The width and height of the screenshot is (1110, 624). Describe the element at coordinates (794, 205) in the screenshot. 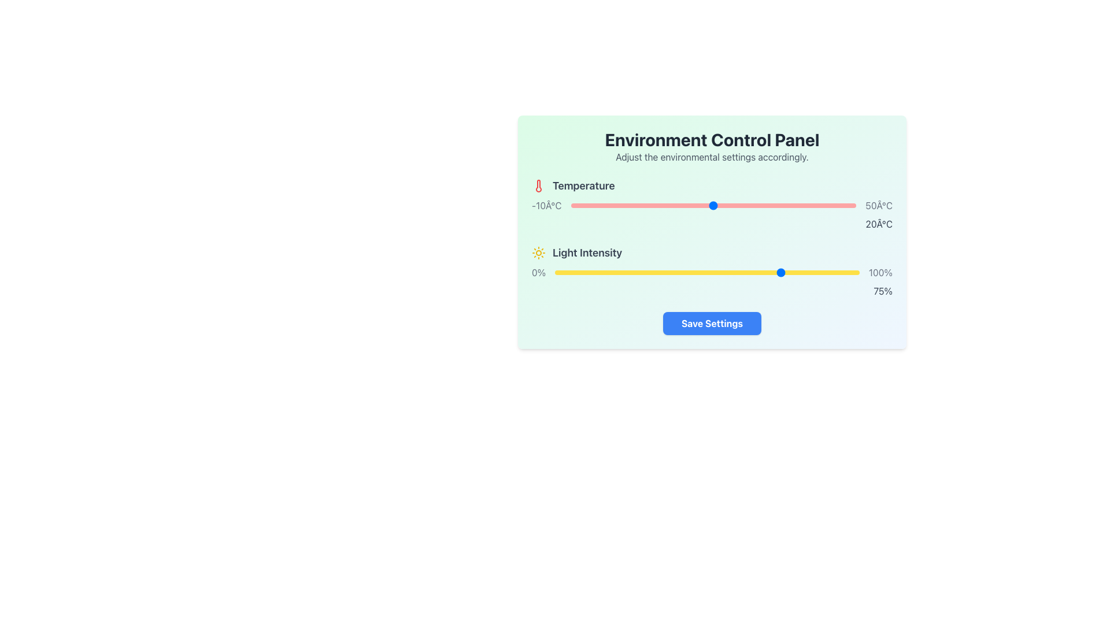

I see `temperature` at that location.